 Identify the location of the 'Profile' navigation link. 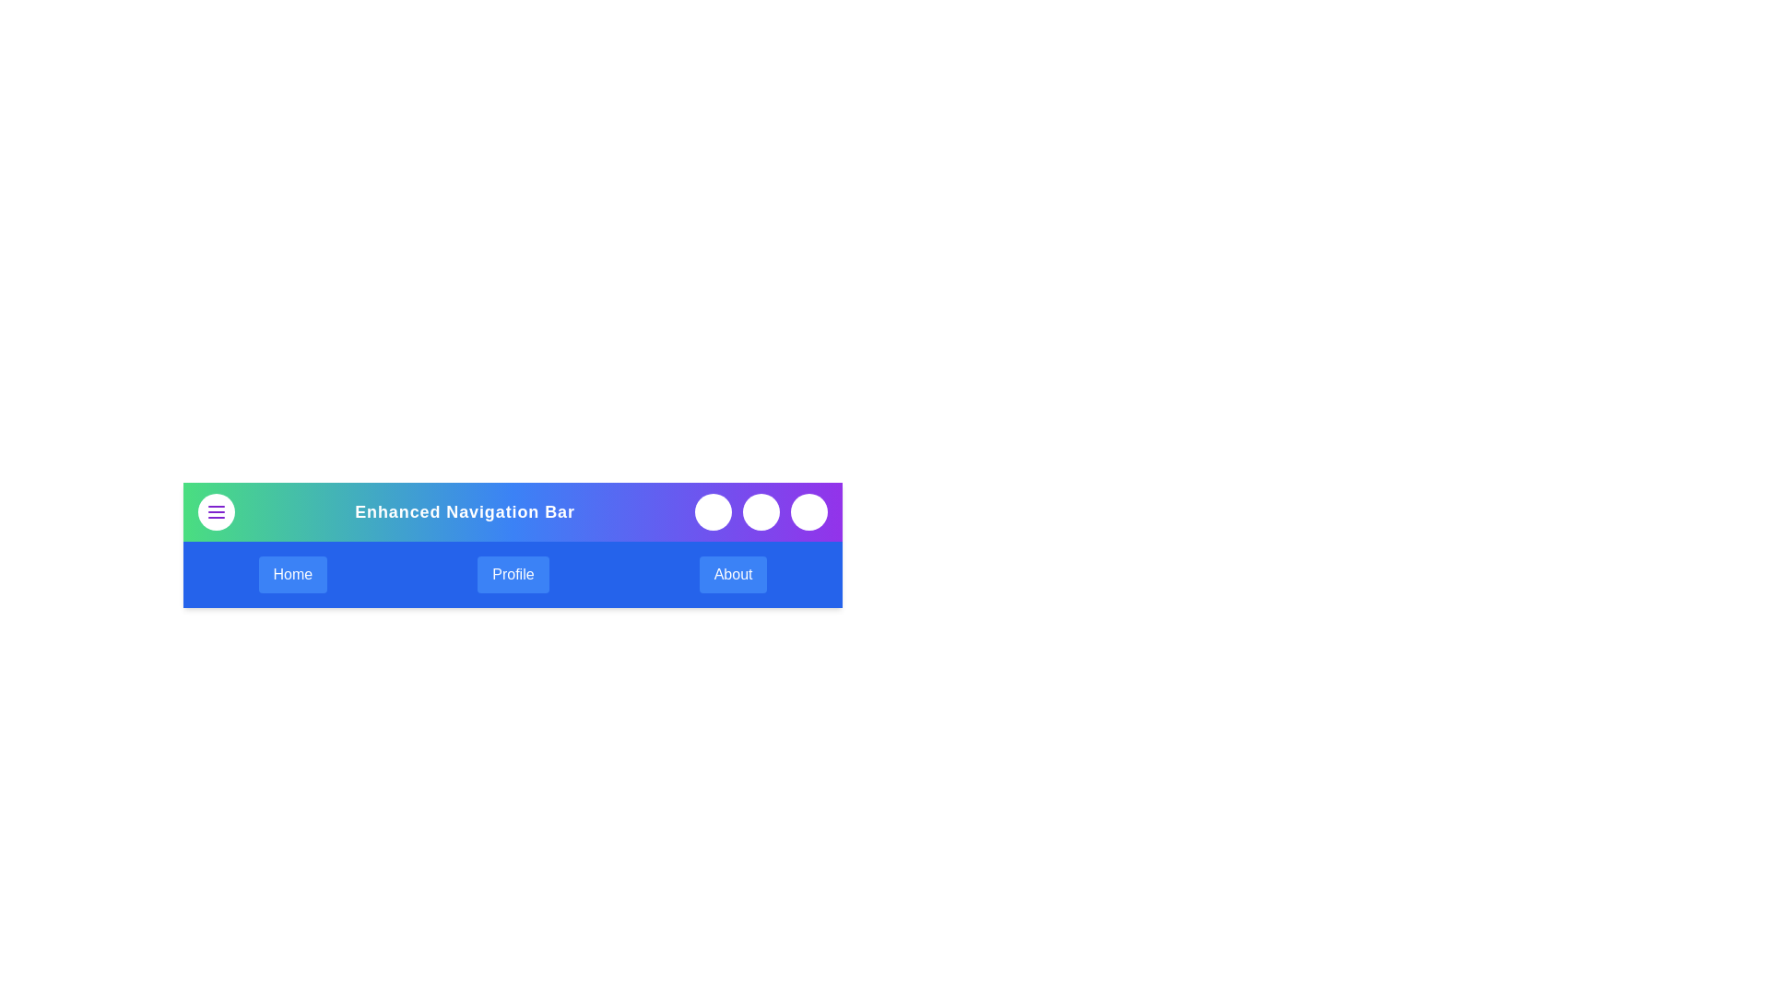
(513, 574).